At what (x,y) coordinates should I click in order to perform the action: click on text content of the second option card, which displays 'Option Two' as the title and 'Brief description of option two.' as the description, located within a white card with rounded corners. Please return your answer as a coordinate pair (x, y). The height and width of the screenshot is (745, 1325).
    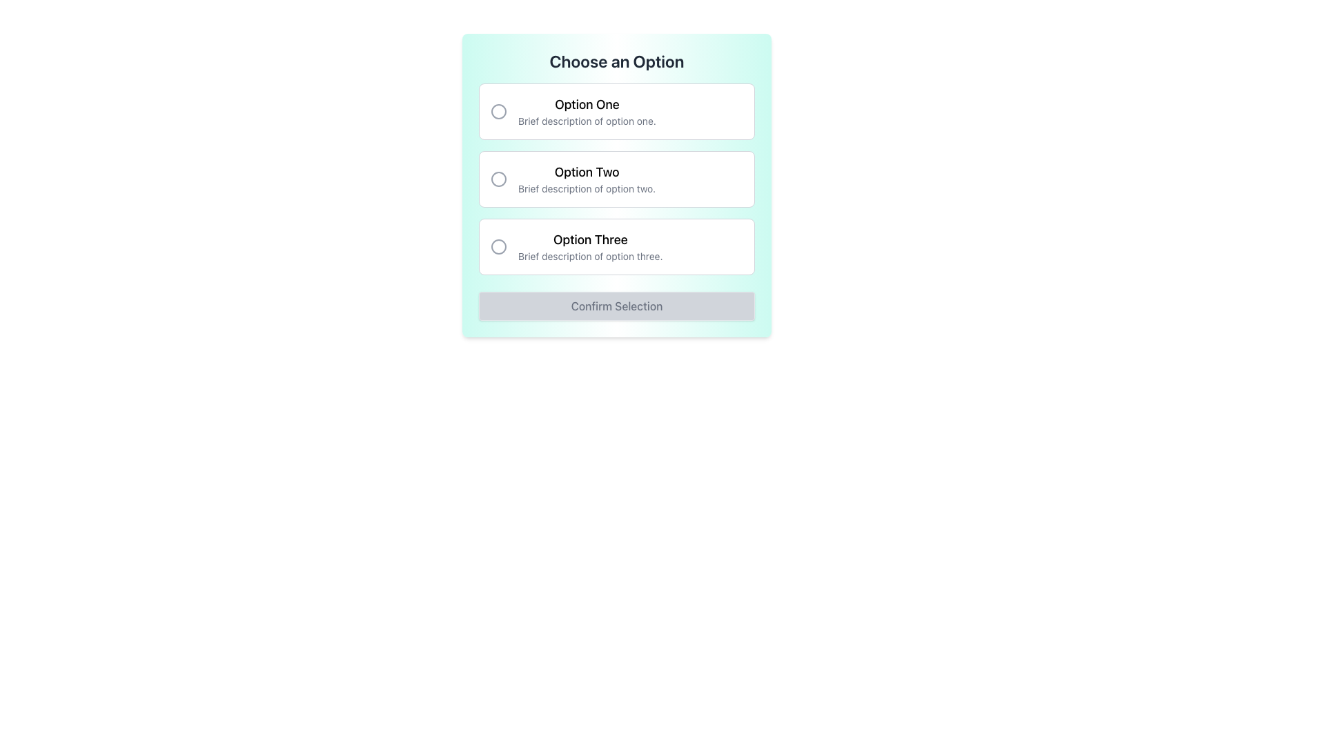
    Looking at the image, I should click on (587, 178).